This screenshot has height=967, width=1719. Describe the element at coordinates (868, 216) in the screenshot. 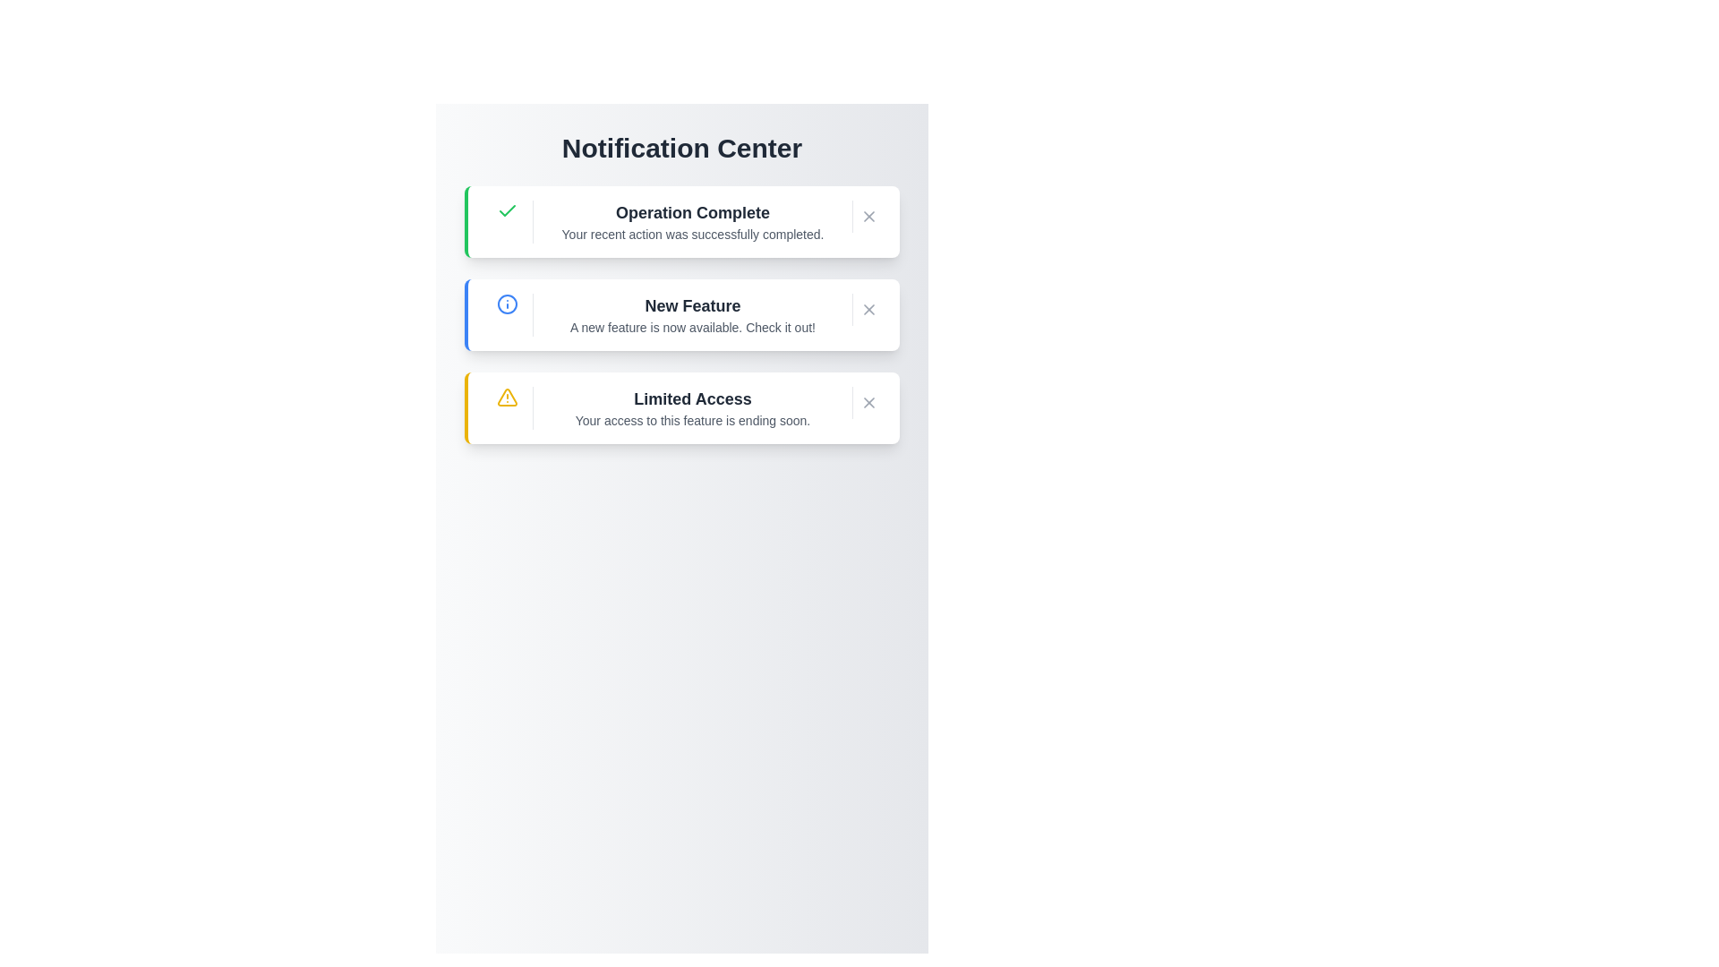

I see `the interactive button with an 'X' icon located at the upper-right corner of the 'Operation Complete' notification card` at that location.